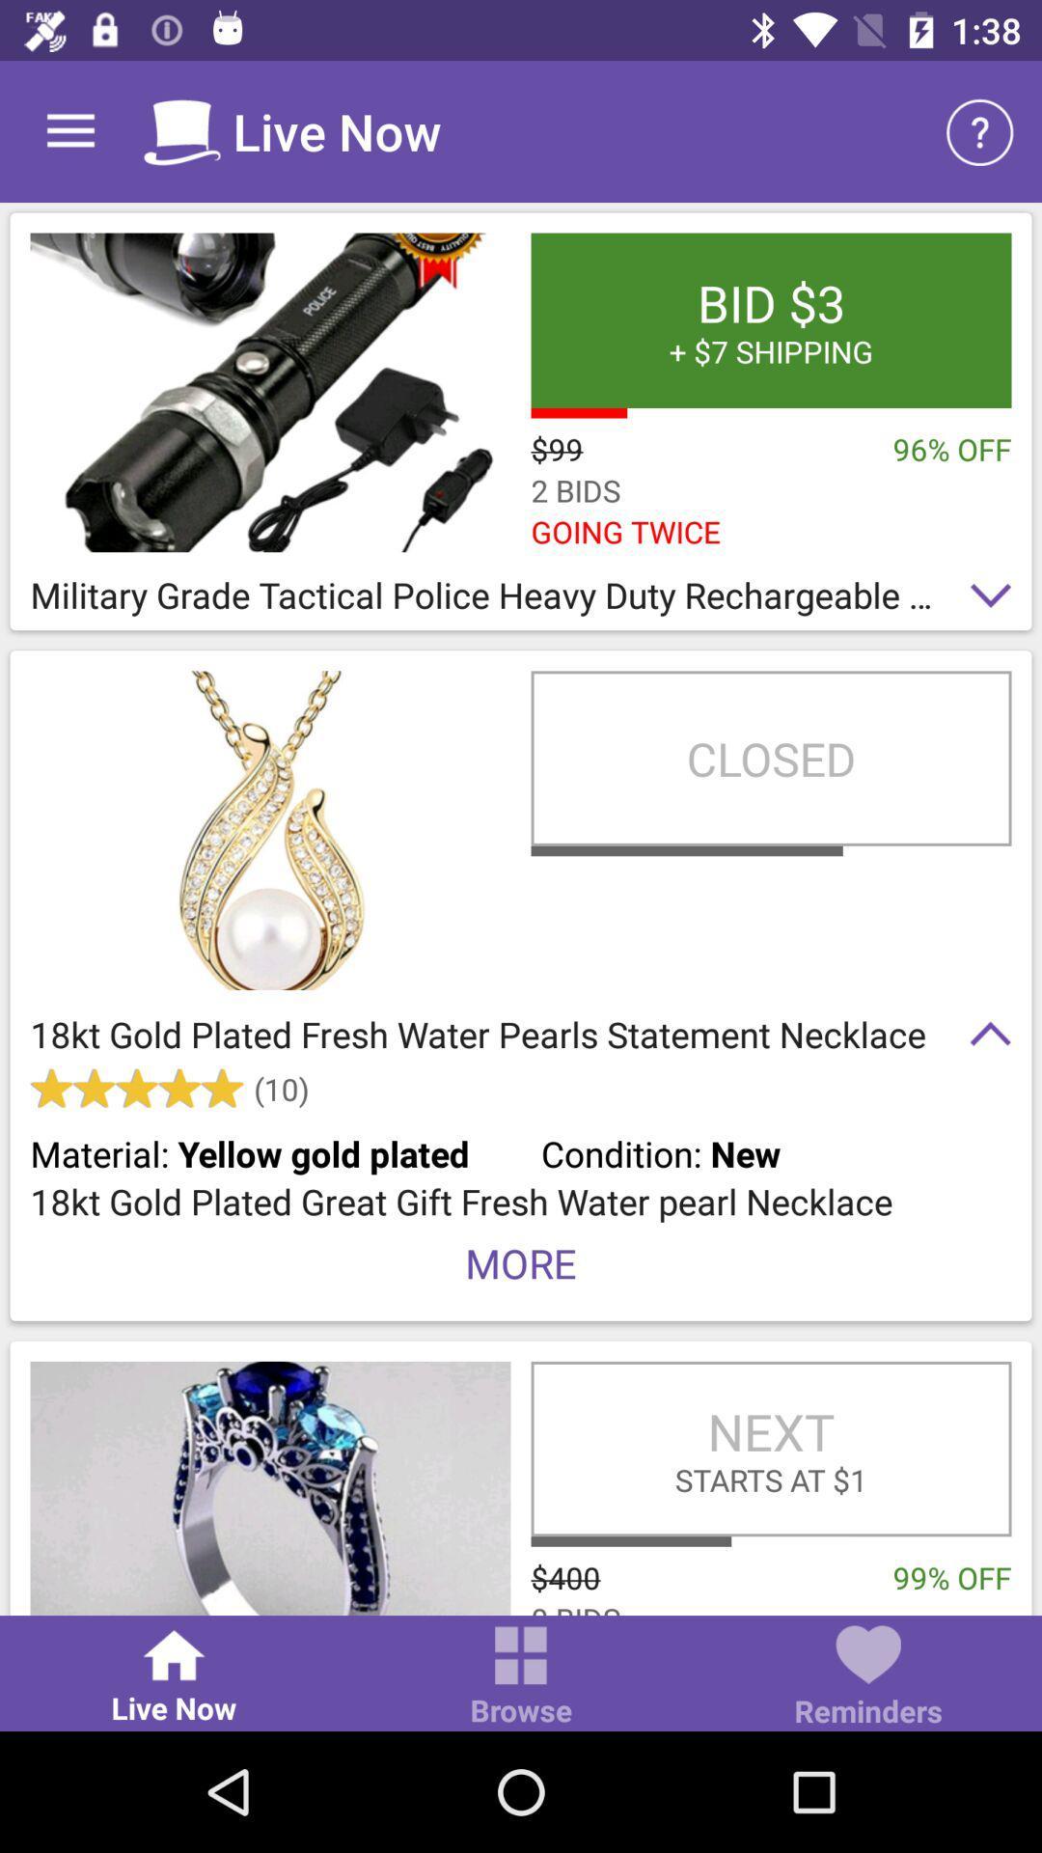  What do you see at coordinates (270, 1487) in the screenshot?
I see `click the product` at bounding box center [270, 1487].